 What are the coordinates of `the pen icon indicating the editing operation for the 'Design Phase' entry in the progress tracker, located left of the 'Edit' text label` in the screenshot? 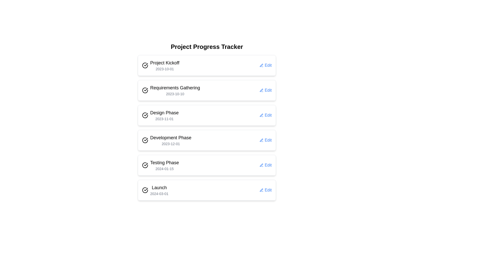 It's located at (262, 115).